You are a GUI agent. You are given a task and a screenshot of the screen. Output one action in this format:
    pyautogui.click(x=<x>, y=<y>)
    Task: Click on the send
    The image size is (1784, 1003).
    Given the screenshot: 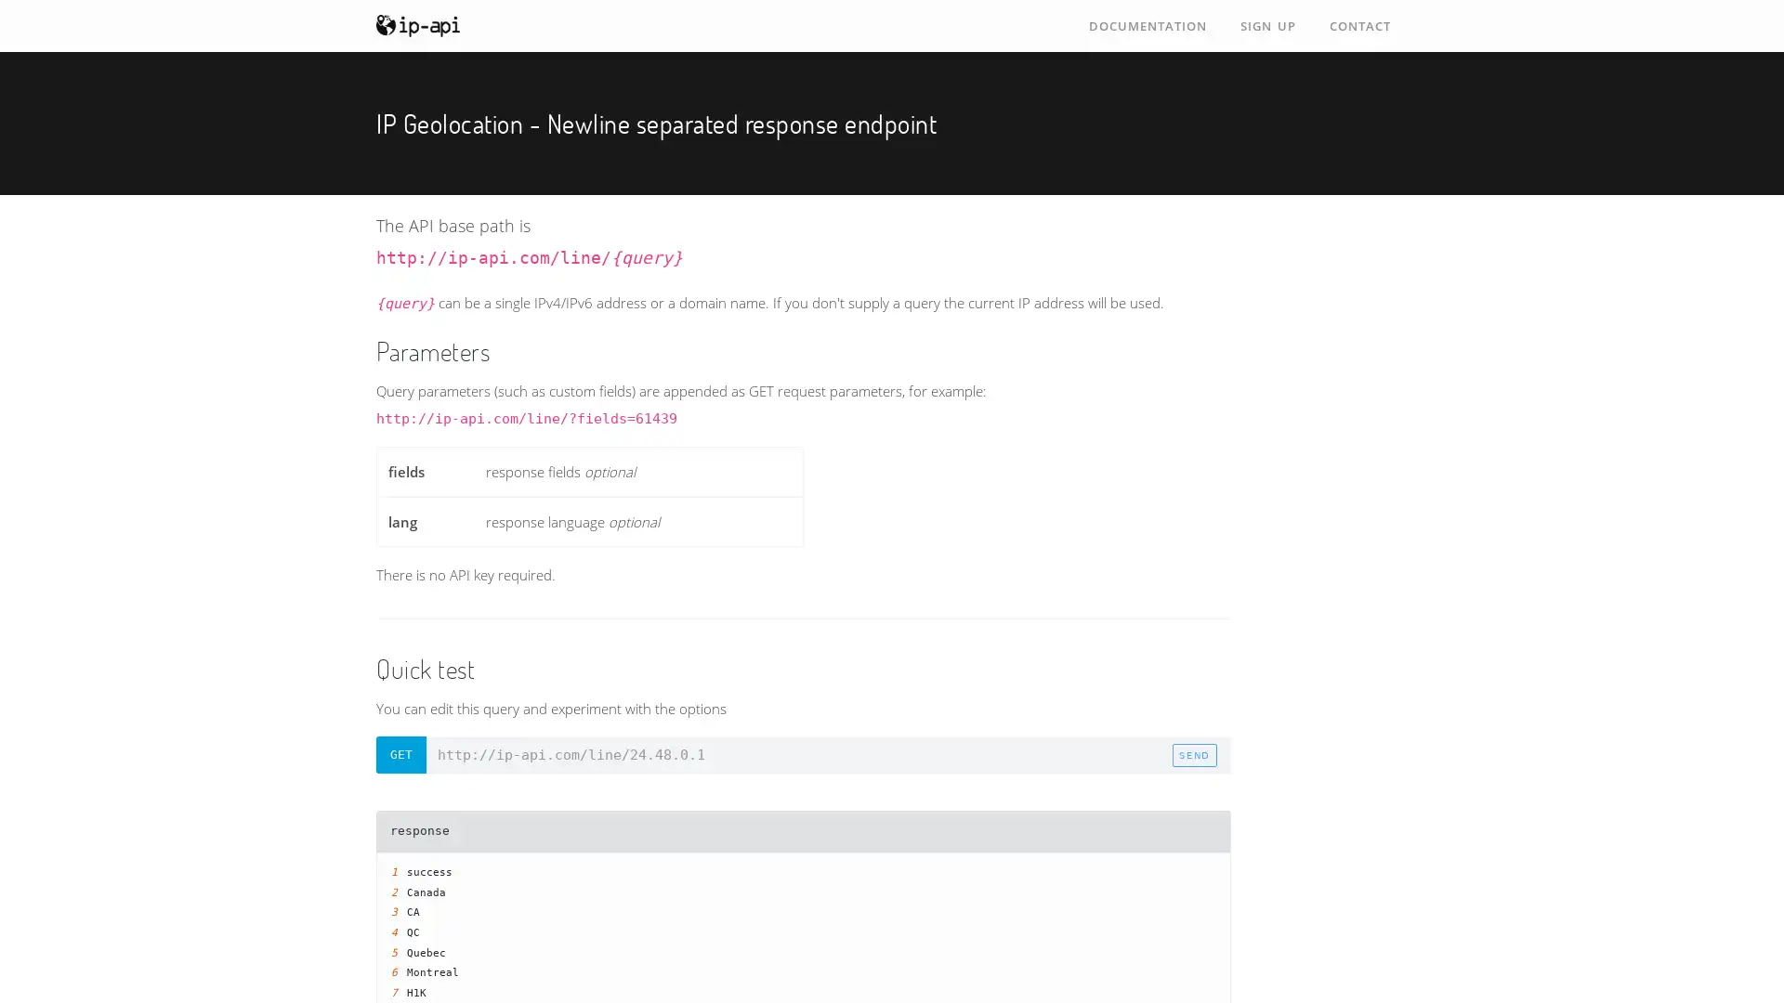 What is the action you would take?
    pyautogui.click(x=1194, y=754)
    